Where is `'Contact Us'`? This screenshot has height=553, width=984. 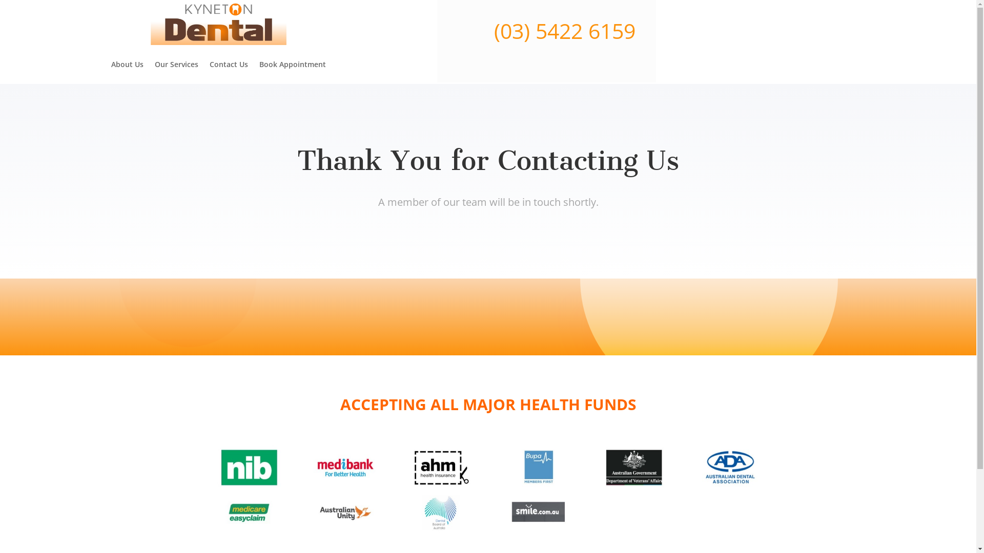 'Contact Us' is located at coordinates (228, 65).